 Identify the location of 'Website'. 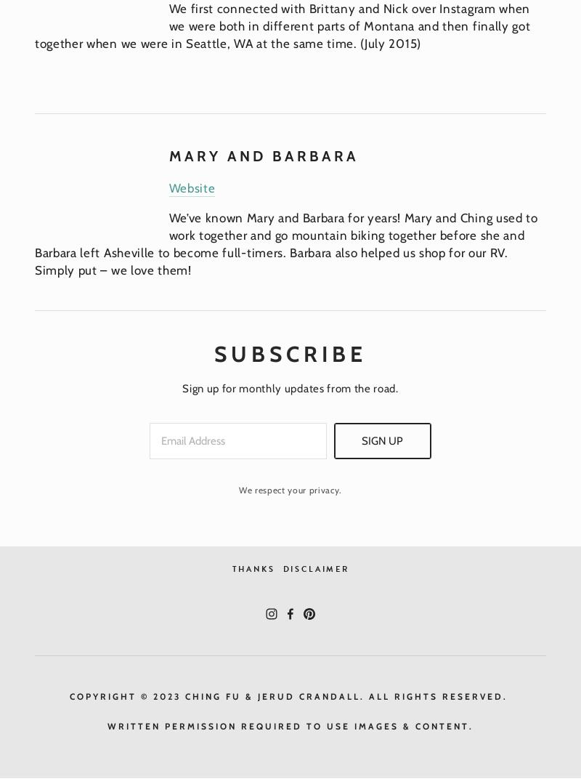
(191, 187).